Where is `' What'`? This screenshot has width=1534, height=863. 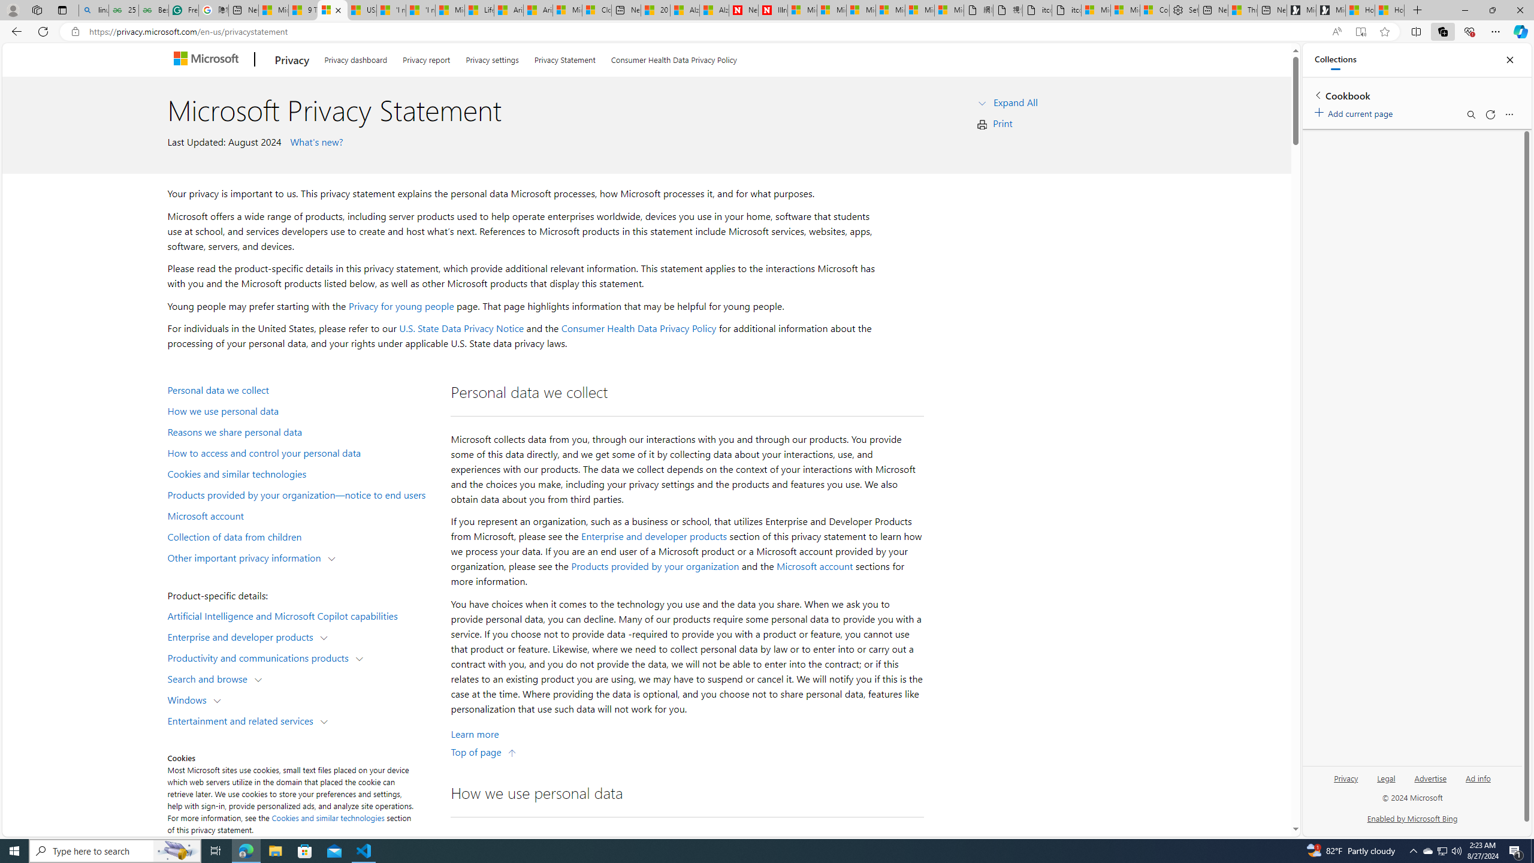 ' What' is located at coordinates (315, 141).